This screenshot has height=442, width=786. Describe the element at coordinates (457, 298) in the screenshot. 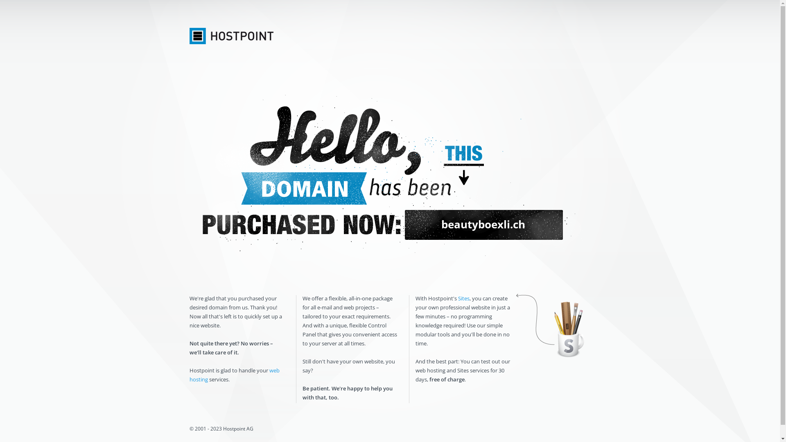

I see `'Sites'` at that location.